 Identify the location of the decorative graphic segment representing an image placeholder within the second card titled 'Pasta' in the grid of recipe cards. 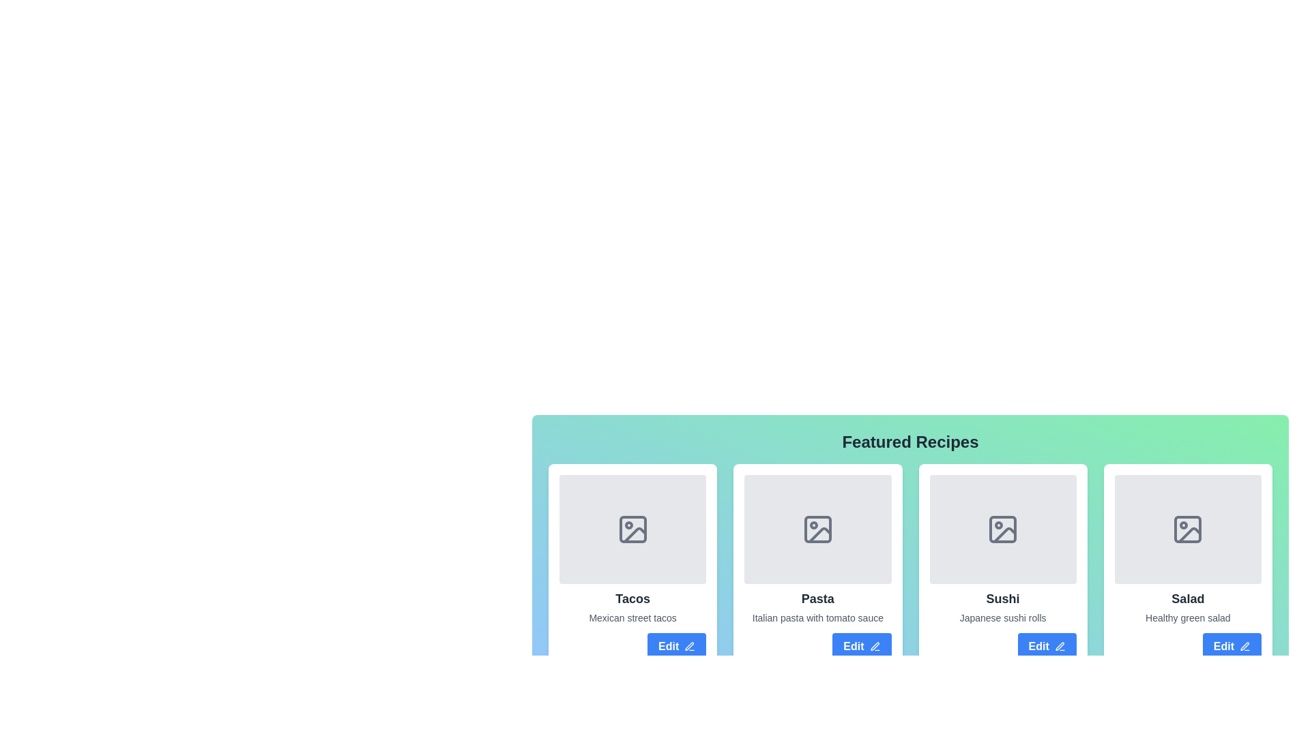
(819, 534).